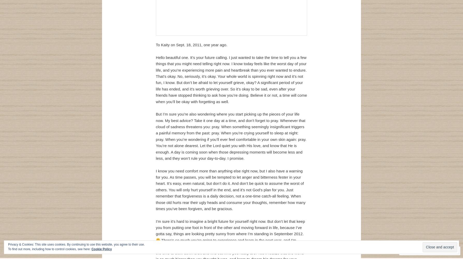 This screenshot has width=463, height=259. I want to click on 'To Kaity on Sept. 18, 2011, one year ago.', so click(191, 45).